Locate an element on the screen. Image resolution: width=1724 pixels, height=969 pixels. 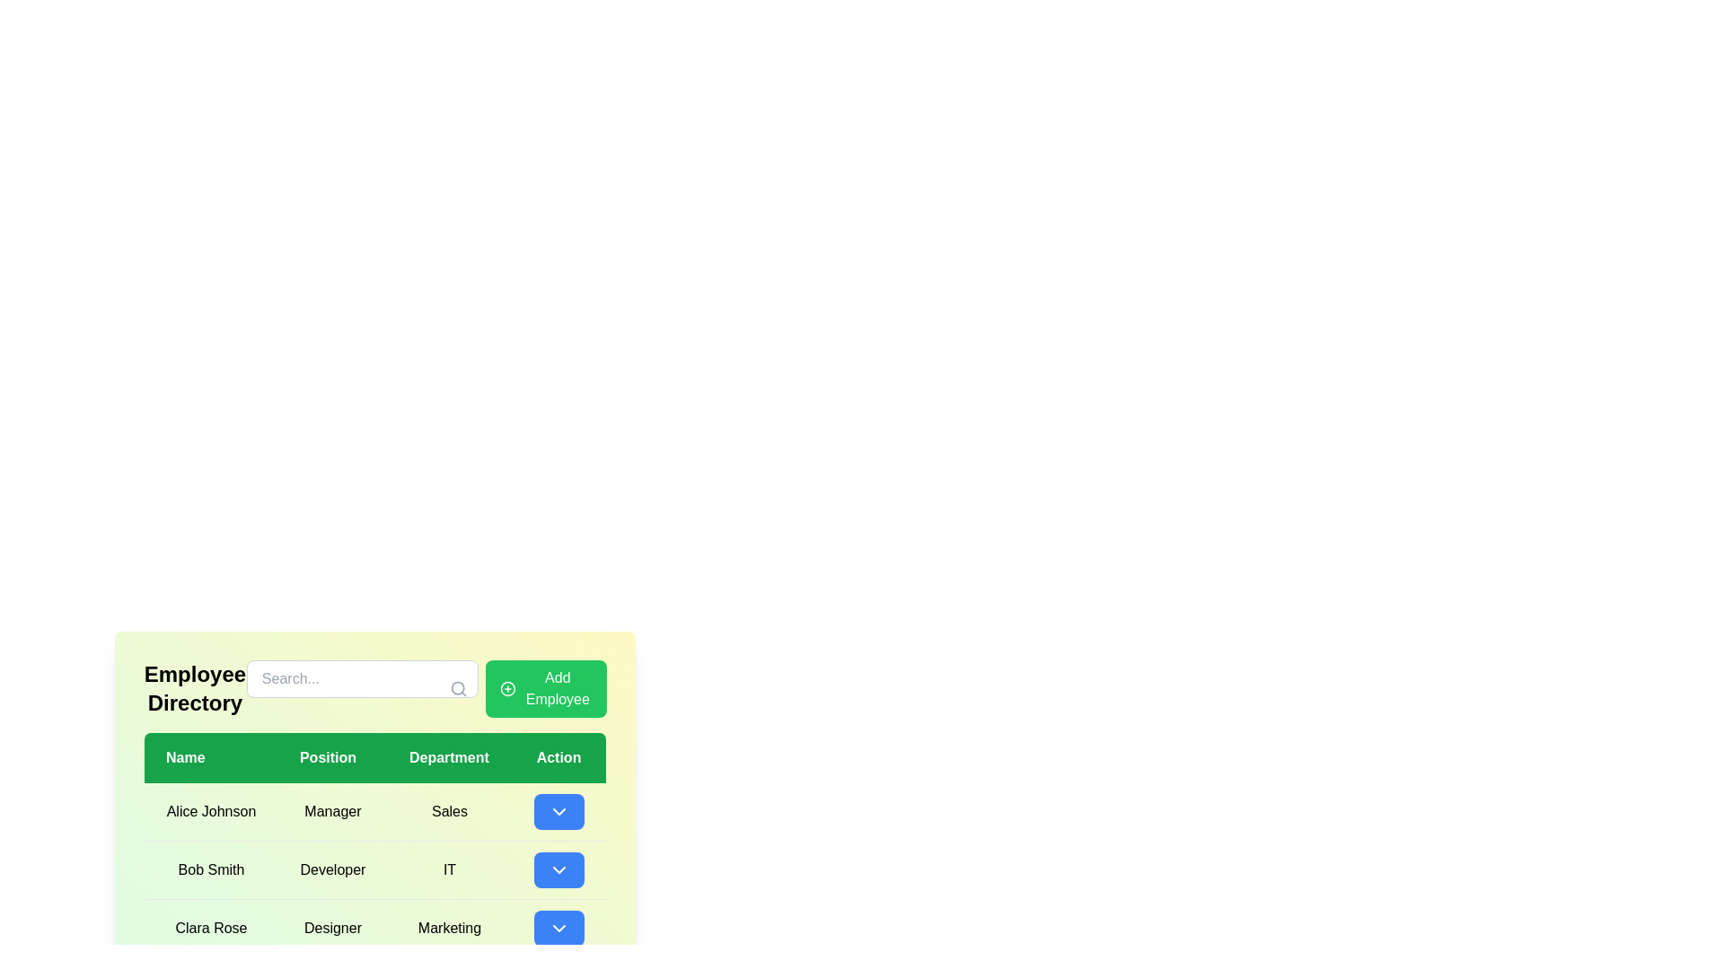
the text label displaying 'Developer' in the second row of the table under the 'Position' column, aligned with 'Bob Smith' in the 'Name' column is located at coordinates (332, 869).